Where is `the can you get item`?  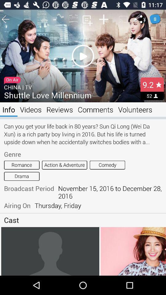
the can you get item is located at coordinates (83, 134).